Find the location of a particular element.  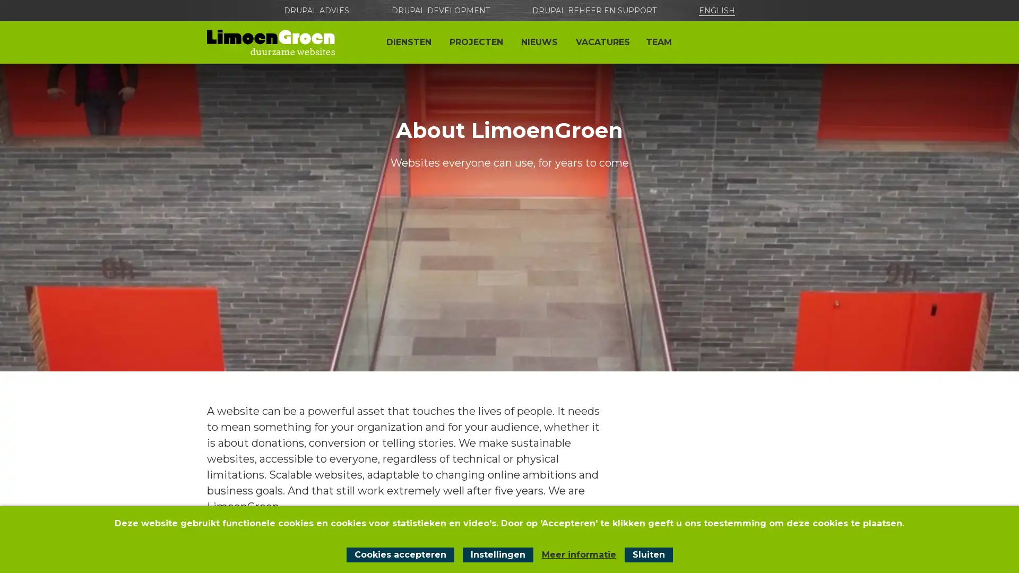

Instellingen is located at coordinates (497, 554).